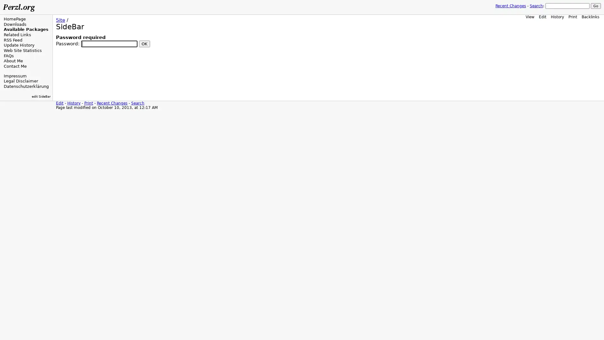  I want to click on Go, so click(596, 6).